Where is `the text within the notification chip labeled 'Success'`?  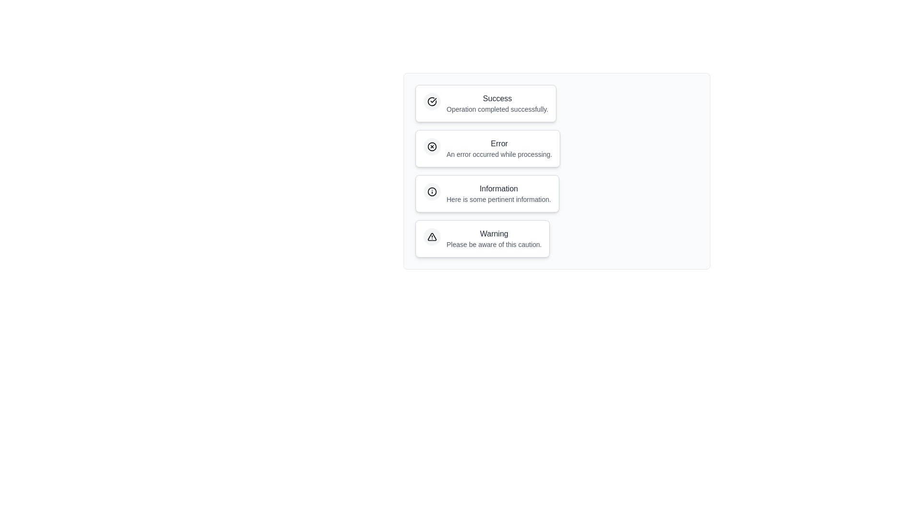 the text within the notification chip labeled 'Success' is located at coordinates (497, 98).